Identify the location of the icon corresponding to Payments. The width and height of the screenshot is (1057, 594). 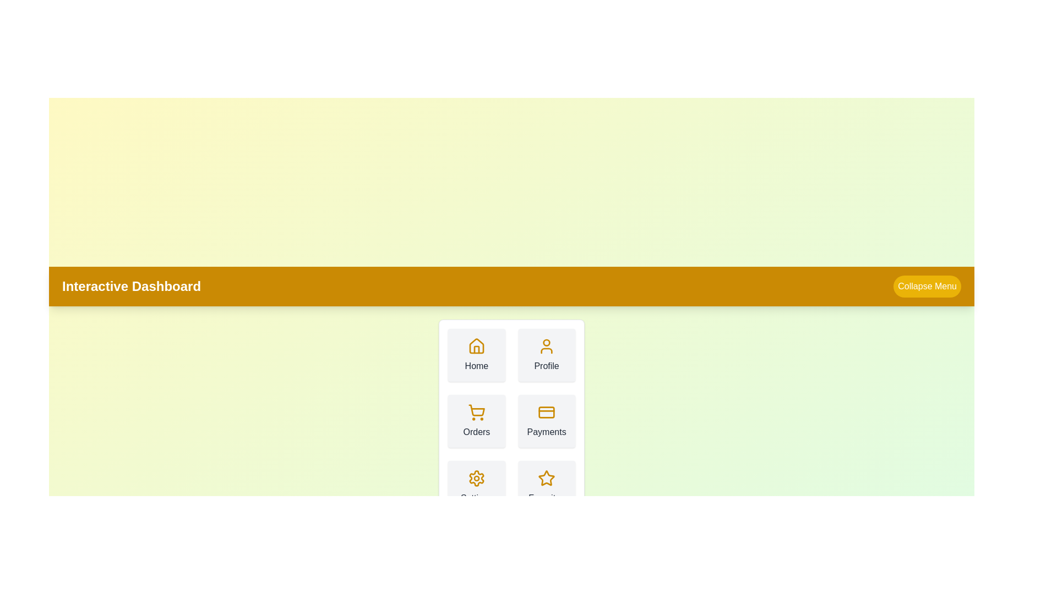
(547, 412).